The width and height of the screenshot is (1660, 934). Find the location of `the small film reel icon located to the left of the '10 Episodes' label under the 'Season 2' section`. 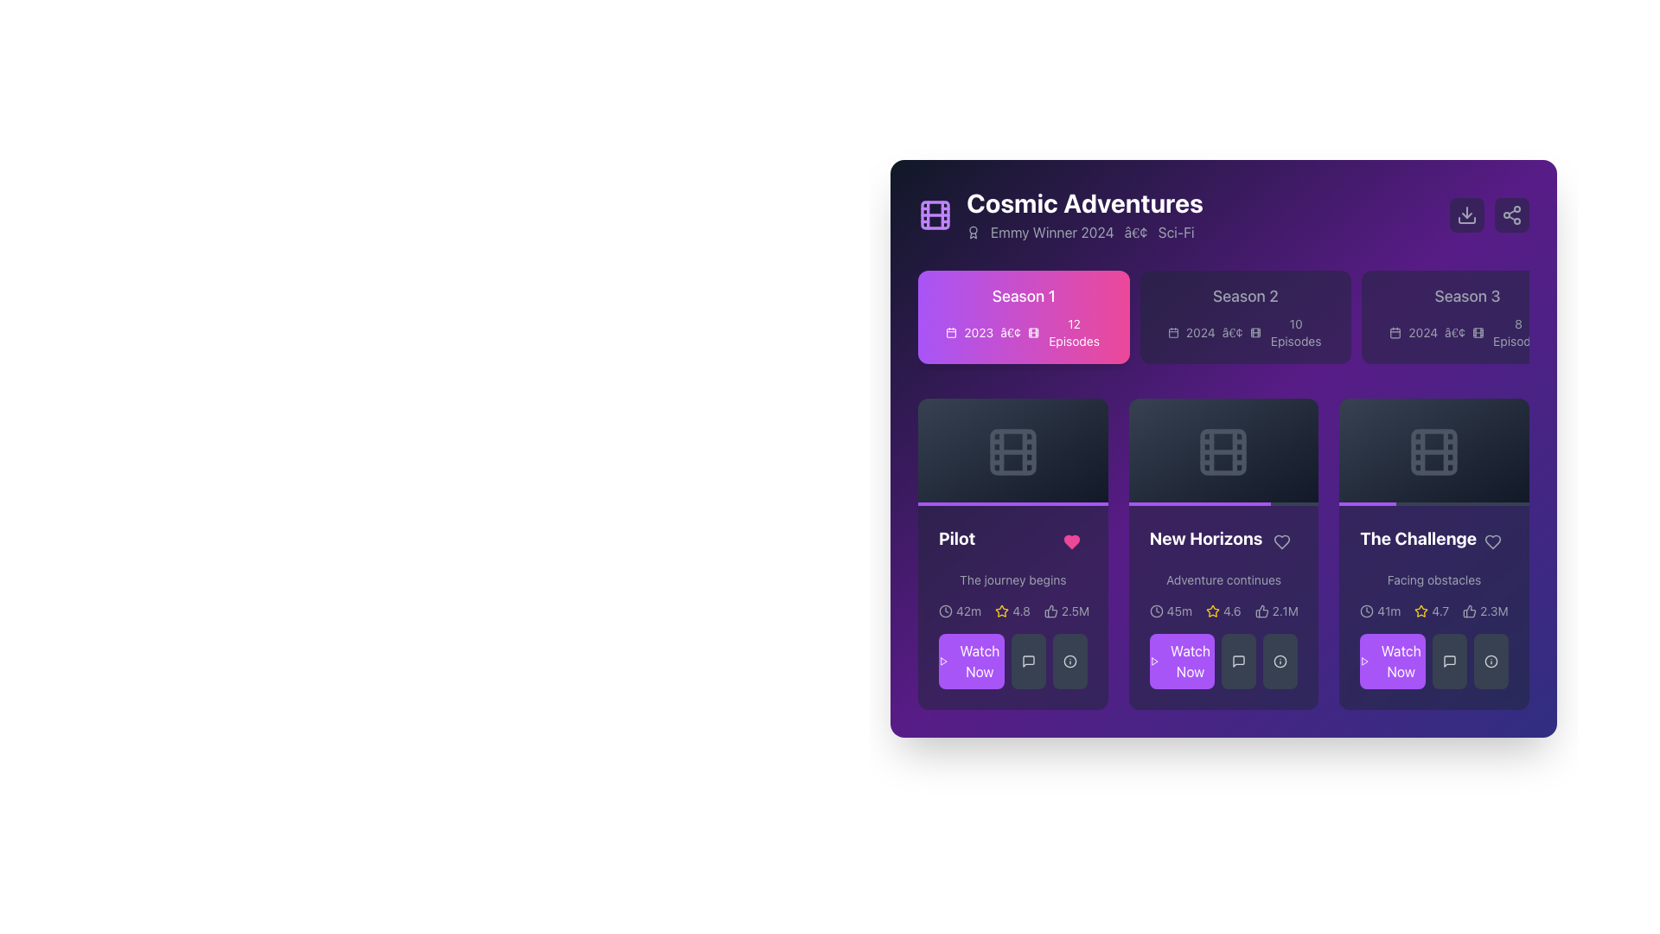

the small film reel icon located to the left of the '10 Episodes' label under the 'Season 2' section is located at coordinates (1255, 333).